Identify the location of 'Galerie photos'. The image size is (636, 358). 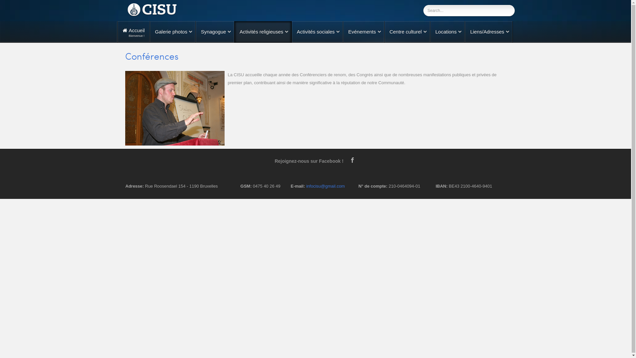
(173, 32).